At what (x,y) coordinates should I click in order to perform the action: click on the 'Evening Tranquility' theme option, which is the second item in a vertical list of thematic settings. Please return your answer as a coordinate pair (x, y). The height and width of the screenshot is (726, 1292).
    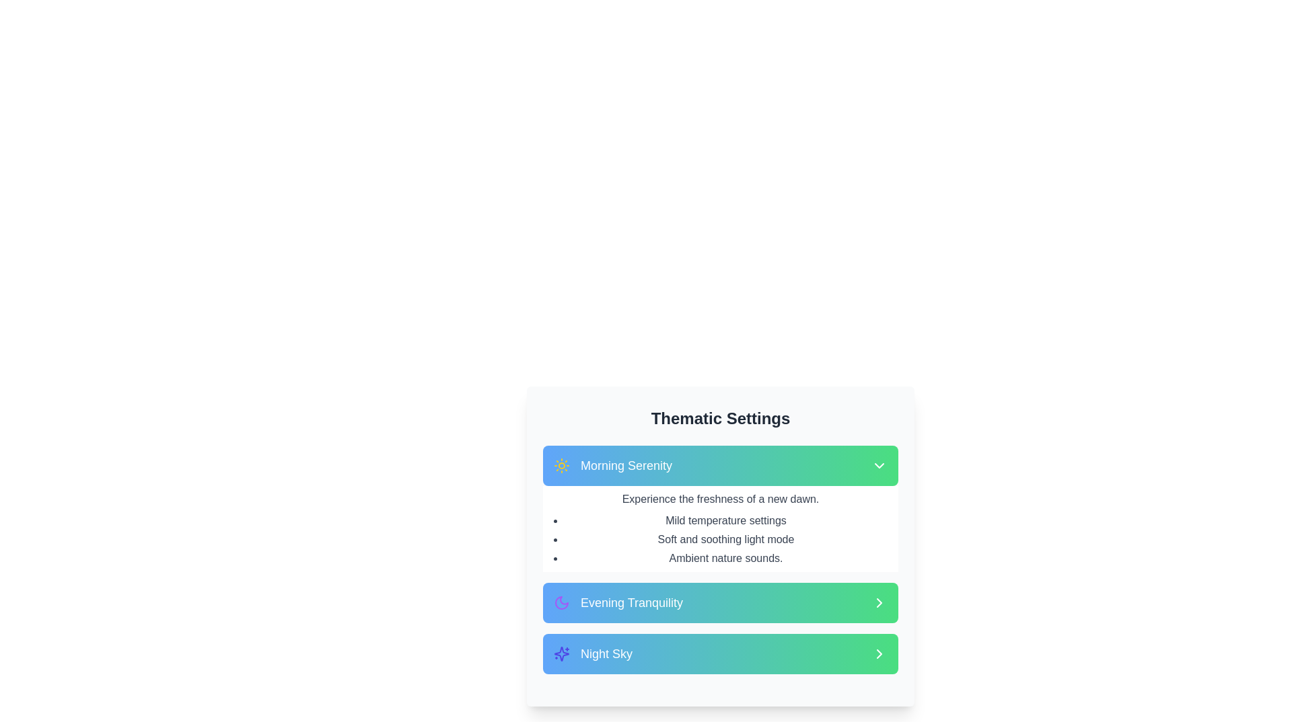
    Looking at the image, I should click on (618, 602).